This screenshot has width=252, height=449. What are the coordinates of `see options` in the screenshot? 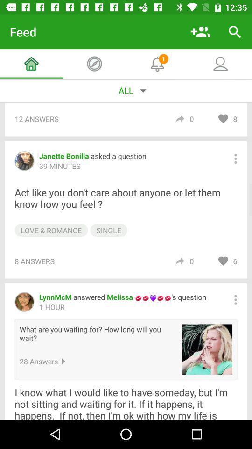 It's located at (235, 159).